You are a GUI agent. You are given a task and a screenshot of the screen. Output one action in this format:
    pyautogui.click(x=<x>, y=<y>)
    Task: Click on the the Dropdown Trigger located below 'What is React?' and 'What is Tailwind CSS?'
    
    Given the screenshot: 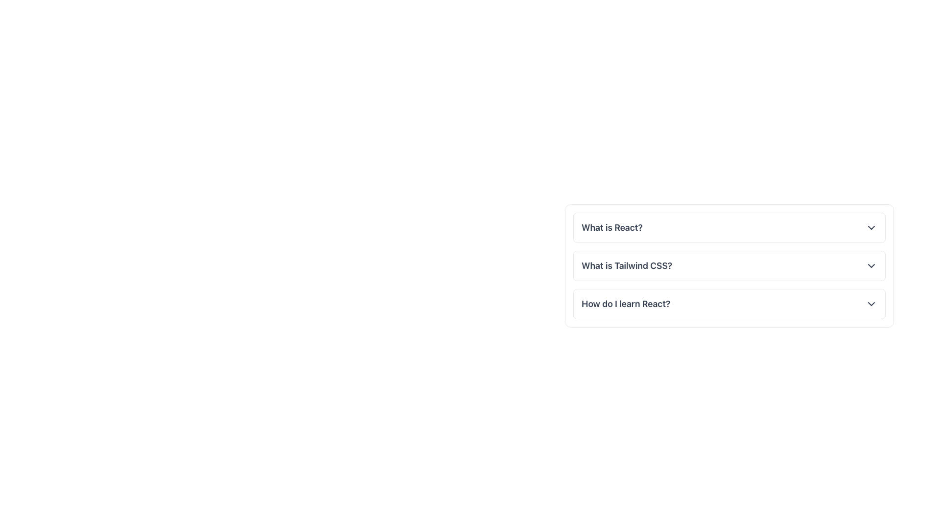 What is the action you would take?
    pyautogui.click(x=729, y=303)
    